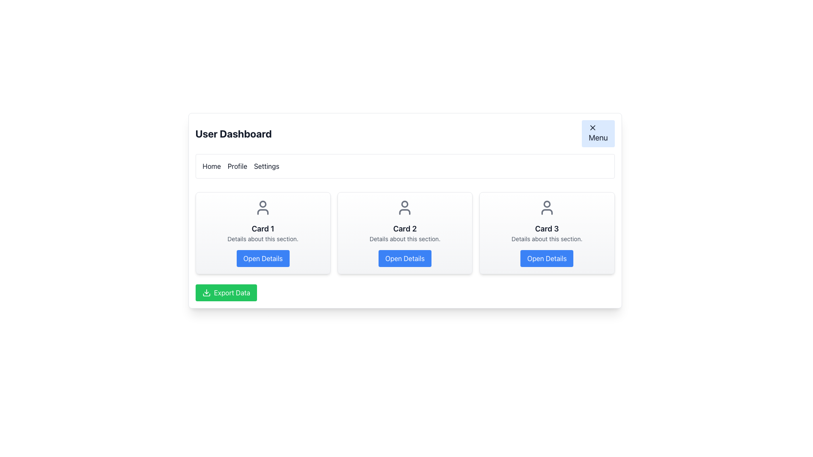 This screenshot has height=457, width=813. What do you see at coordinates (237, 166) in the screenshot?
I see `the 'Profile' navigation link, which is the second item in the horizontal navigation menu styled in black and turns indigo on hover` at bounding box center [237, 166].